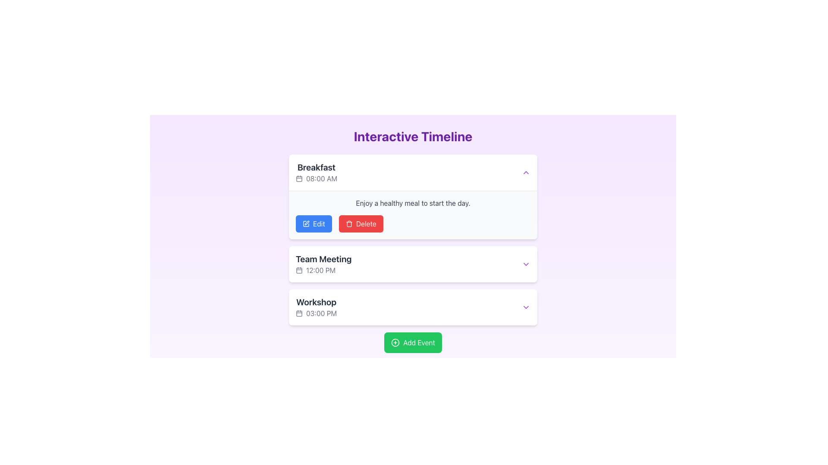 This screenshot has height=465, width=828. What do you see at coordinates (299, 270) in the screenshot?
I see `the calendar icon associated with the 'Team Meeting' entry in the timeline, positioned to the left of the entry's time information ('12:00 PM')` at bounding box center [299, 270].